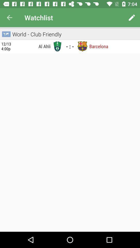  Describe the element at coordinates (9, 18) in the screenshot. I see `the item to the left of the watchlist` at that location.